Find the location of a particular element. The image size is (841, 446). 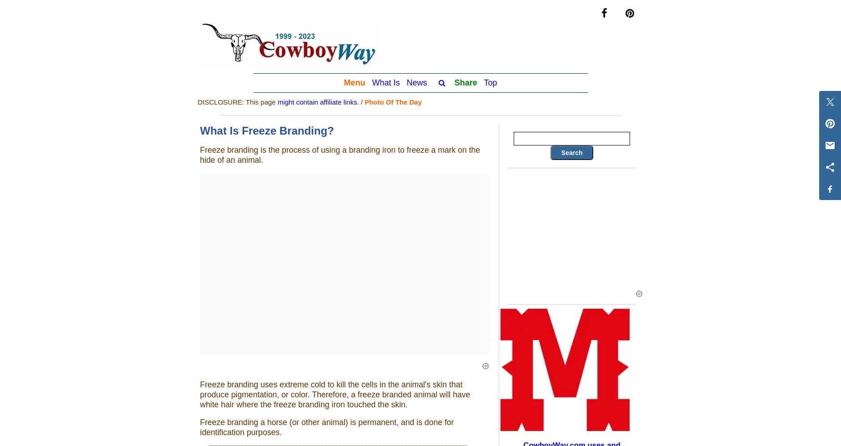

'. /' is located at coordinates (360, 101).